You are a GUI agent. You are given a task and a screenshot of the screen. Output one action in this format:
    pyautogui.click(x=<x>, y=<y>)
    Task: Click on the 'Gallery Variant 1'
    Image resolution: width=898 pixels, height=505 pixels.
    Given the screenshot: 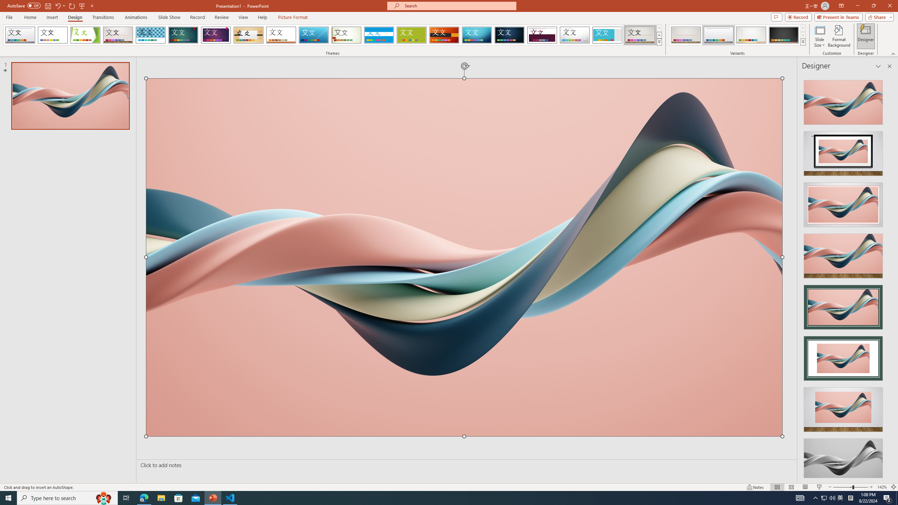 What is the action you would take?
    pyautogui.click(x=685, y=35)
    